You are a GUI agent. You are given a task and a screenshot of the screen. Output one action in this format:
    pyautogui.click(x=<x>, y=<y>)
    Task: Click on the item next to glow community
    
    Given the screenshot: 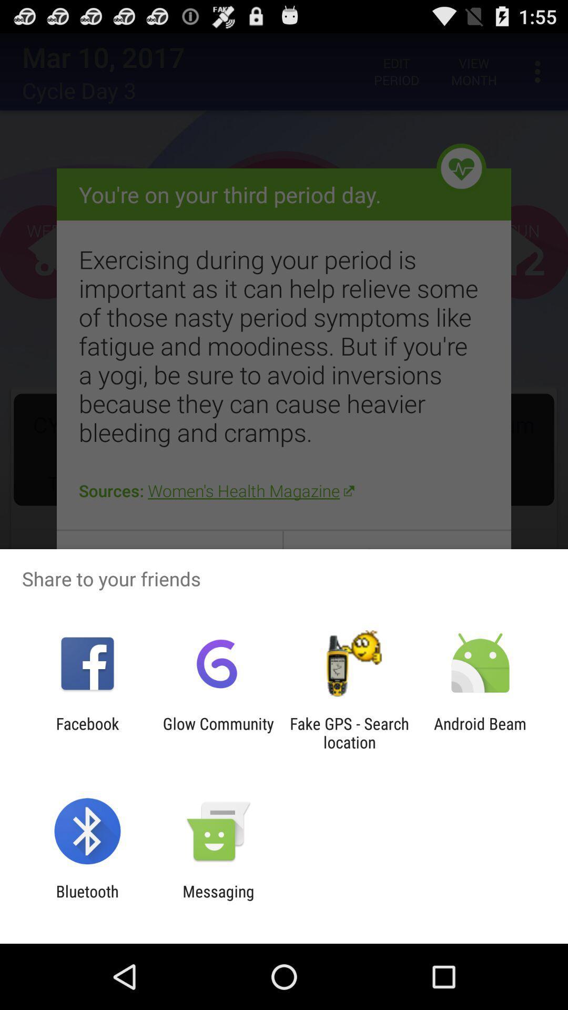 What is the action you would take?
    pyautogui.click(x=349, y=732)
    